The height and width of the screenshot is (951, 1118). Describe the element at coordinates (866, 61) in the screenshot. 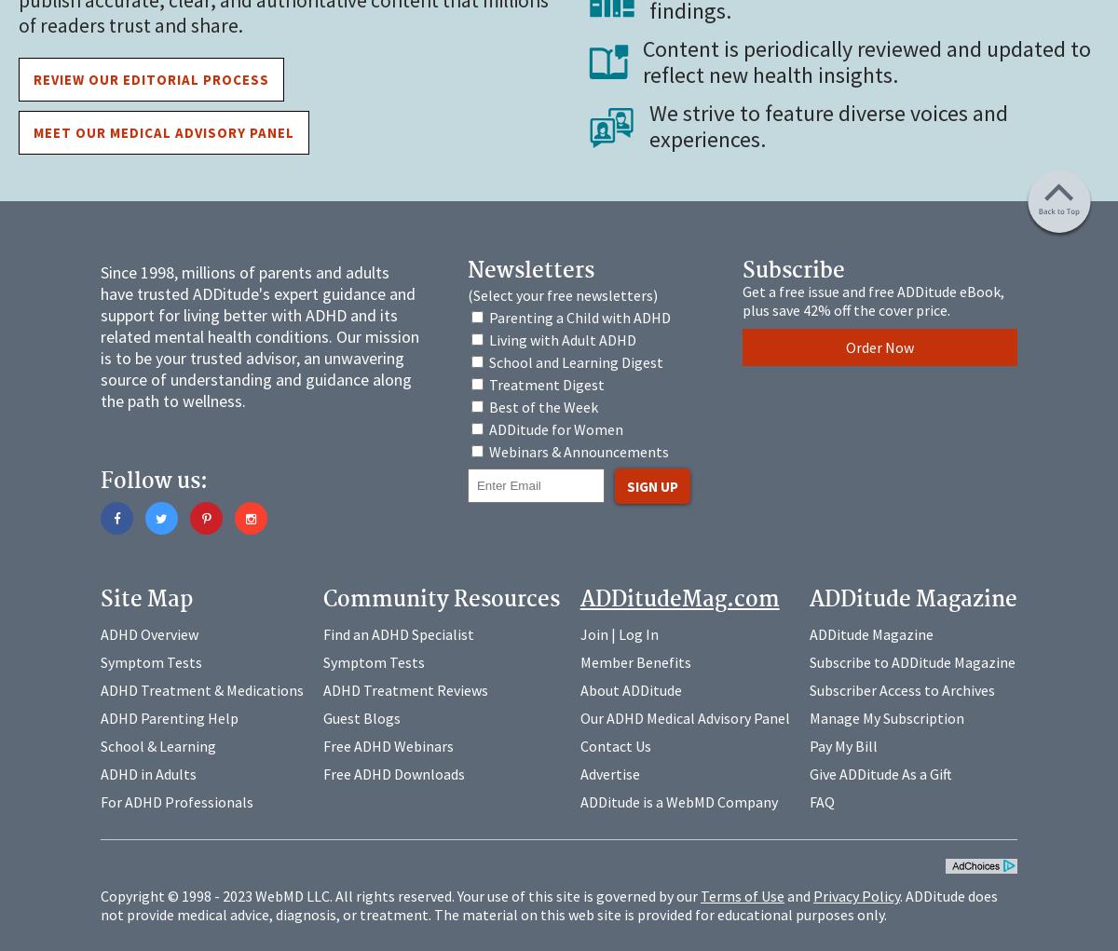

I see `'Content is periodically
reviewed and updated to reflect new health insights.'` at that location.